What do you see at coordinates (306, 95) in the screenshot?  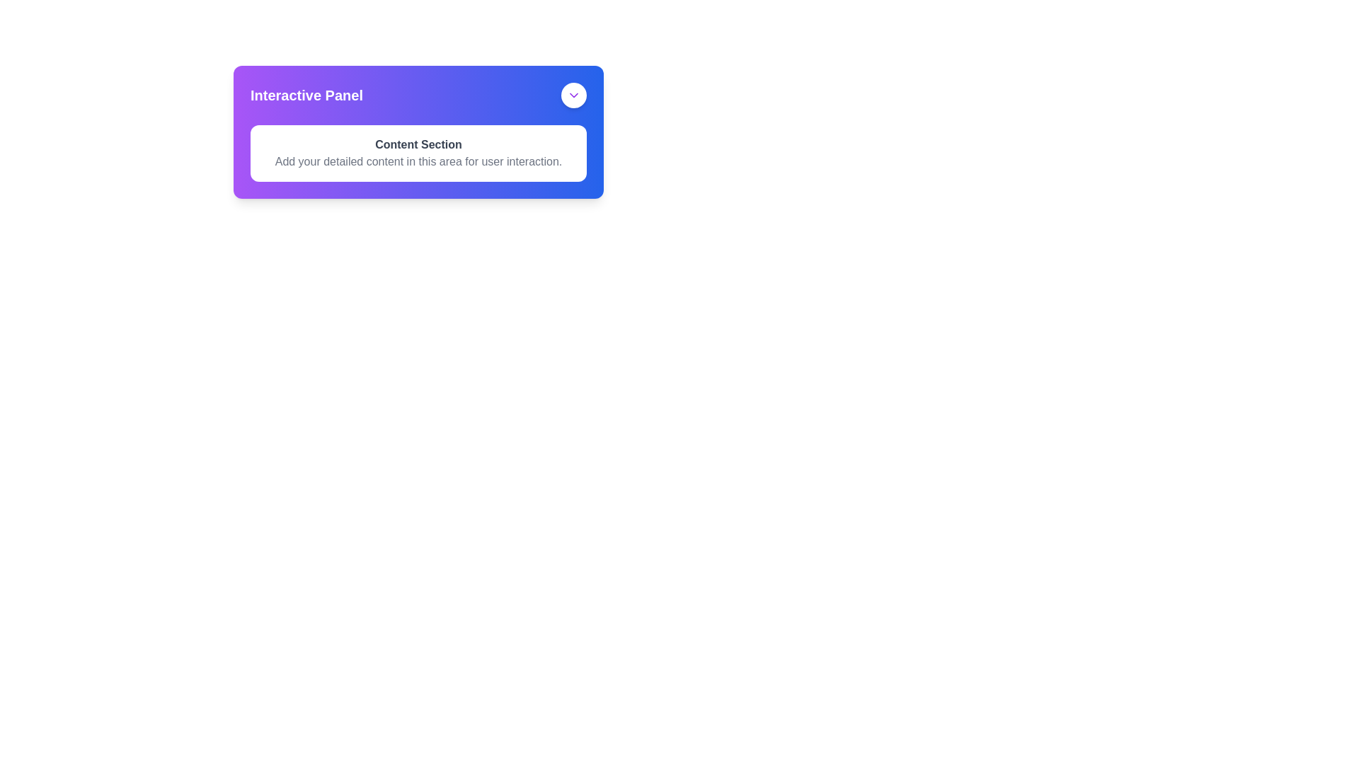 I see `the title of the text label displaying 'Interactive Panel' located in the upper left corner of the gradient-filled header` at bounding box center [306, 95].